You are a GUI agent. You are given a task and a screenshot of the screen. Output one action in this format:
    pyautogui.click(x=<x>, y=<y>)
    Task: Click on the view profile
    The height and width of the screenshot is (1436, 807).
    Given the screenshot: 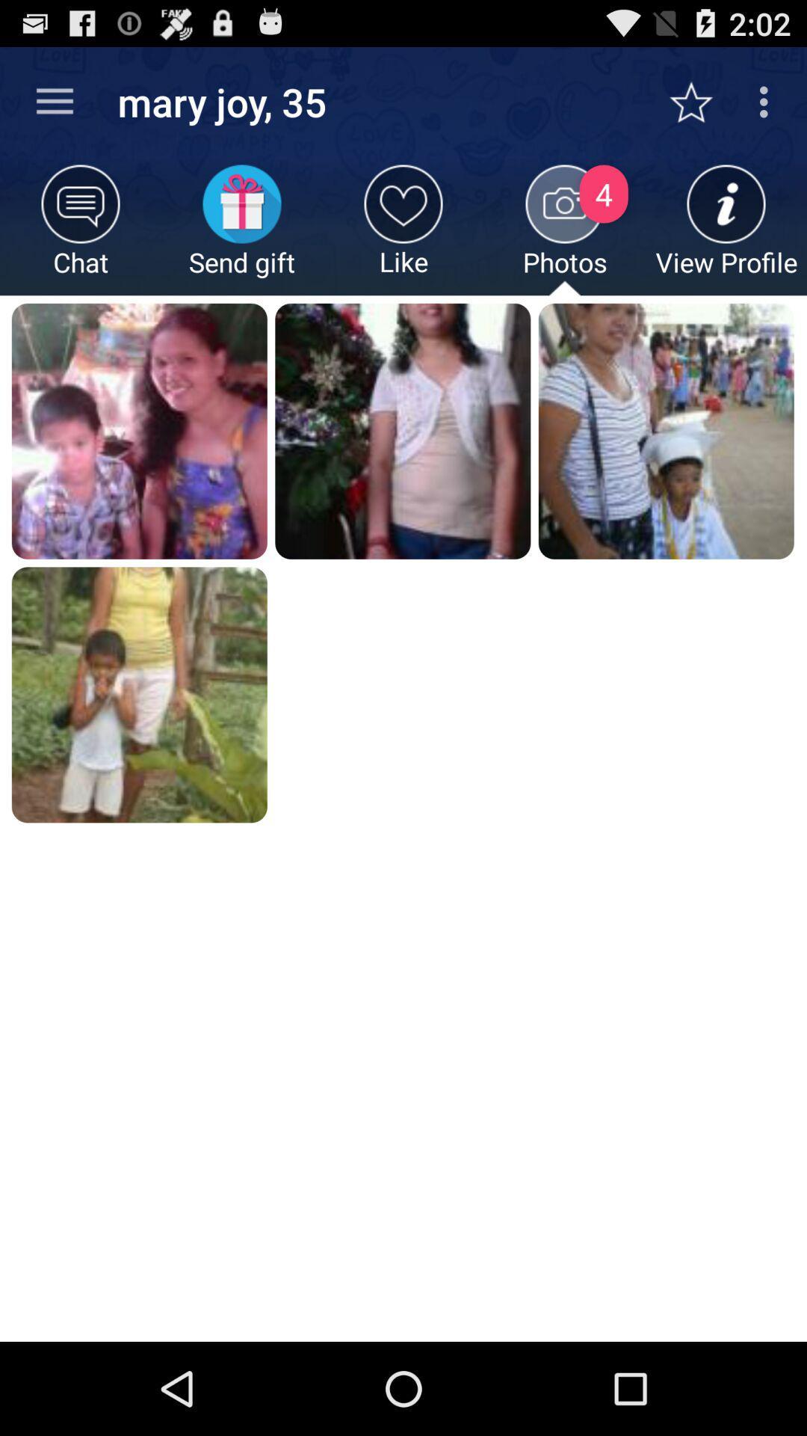 What is the action you would take?
    pyautogui.click(x=726, y=229)
    